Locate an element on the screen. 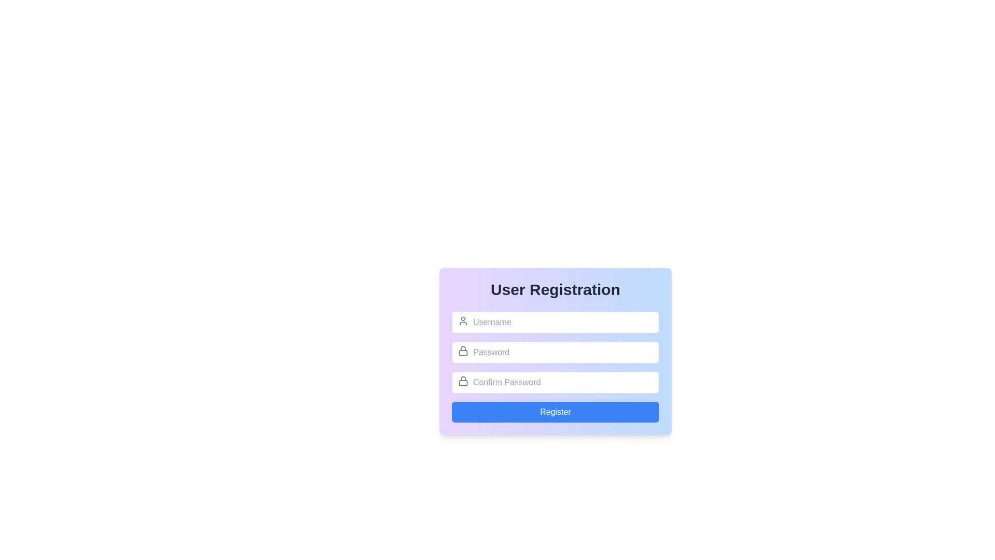 The image size is (995, 560). the bold header text 'User Registration' which is styled in large, dark gray typography at the top of the card-like interface is located at coordinates (555, 290).